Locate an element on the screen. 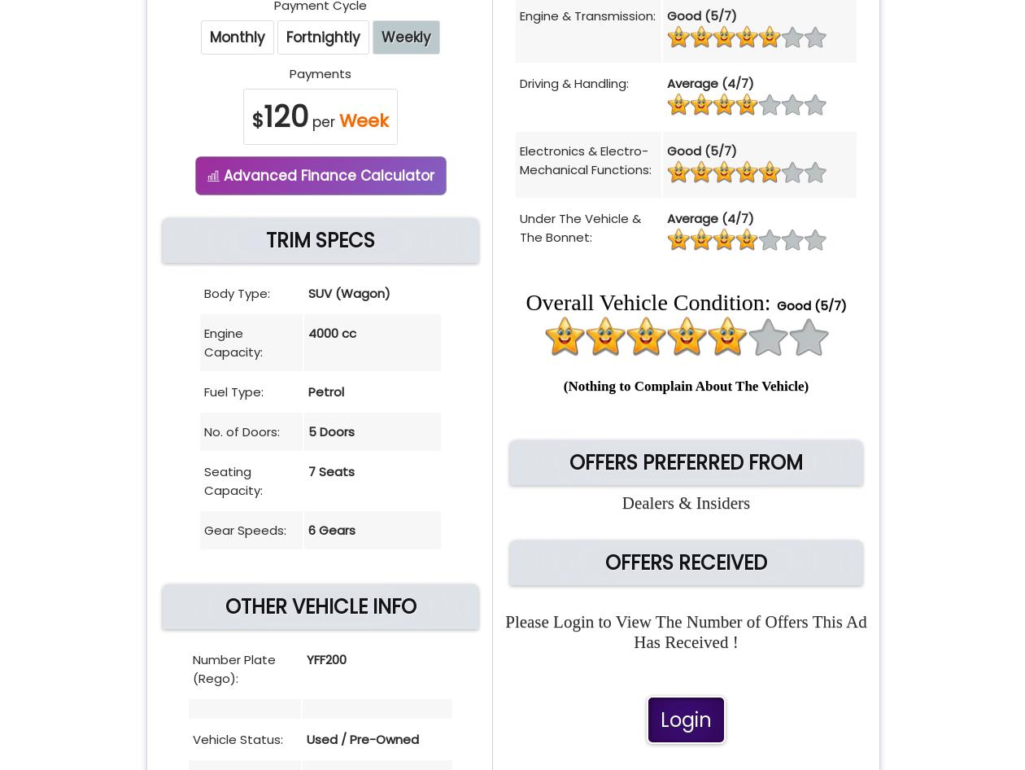 This screenshot has height=770, width=1025. 'Seating Capacity:' is located at coordinates (233, 479).